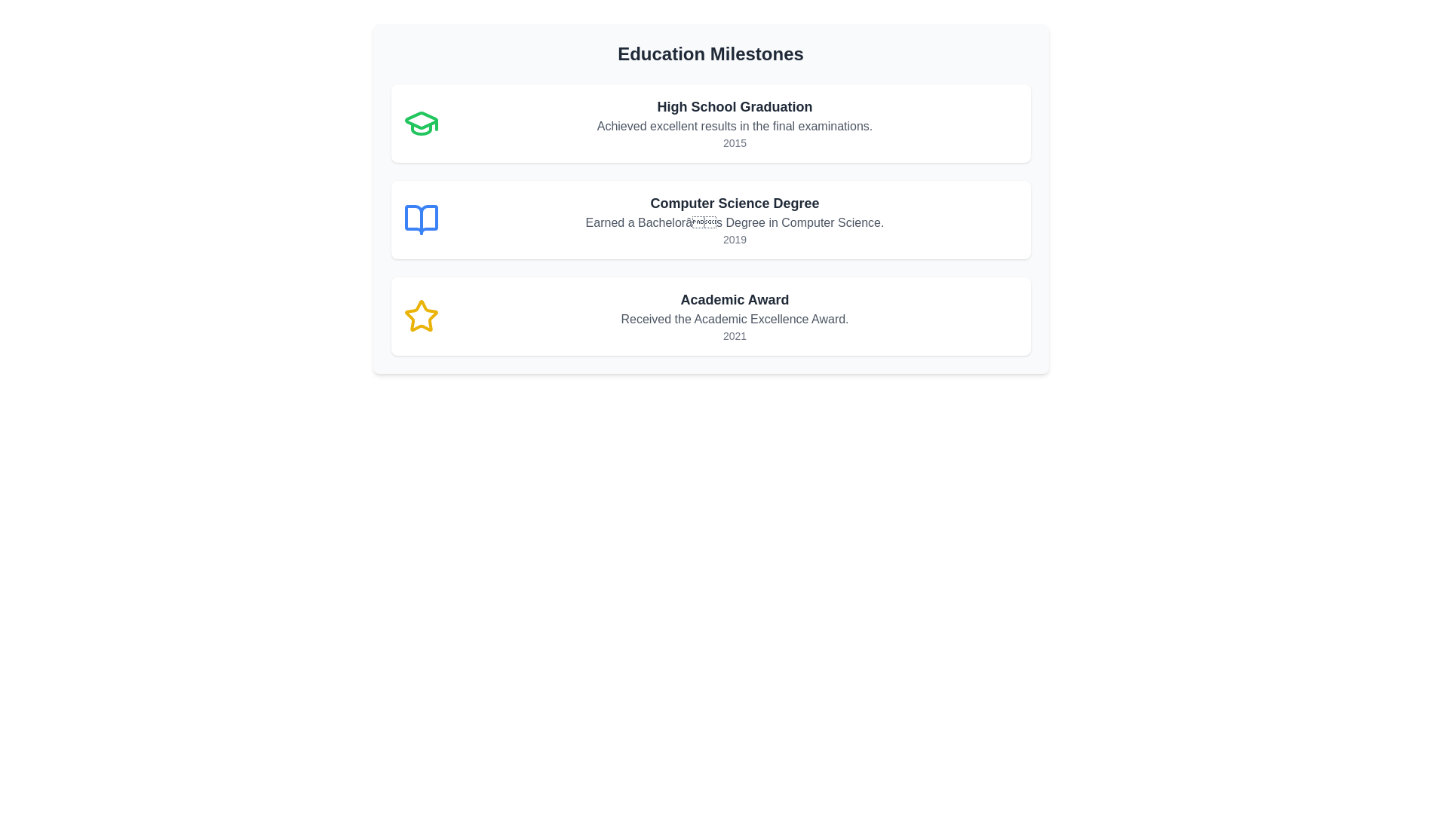 The width and height of the screenshot is (1448, 814). What do you see at coordinates (421, 220) in the screenshot?
I see `the left segment of the book icon representing education in the 'Computer Science Degree' milestone, located in the second item in the list` at bounding box center [421, 220].